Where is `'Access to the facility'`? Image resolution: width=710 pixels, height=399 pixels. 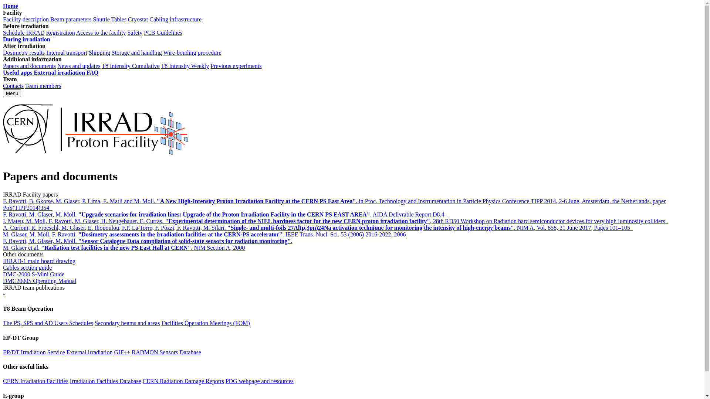
'Access to the facility' is located at coordinates (76, 32).